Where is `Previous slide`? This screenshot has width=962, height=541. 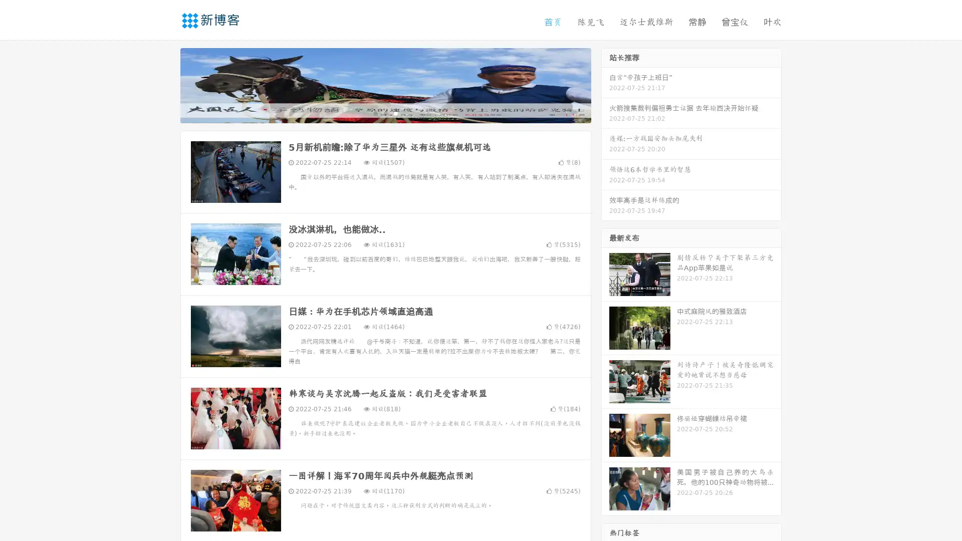
Previous slide is located at coordinates (165, 84).